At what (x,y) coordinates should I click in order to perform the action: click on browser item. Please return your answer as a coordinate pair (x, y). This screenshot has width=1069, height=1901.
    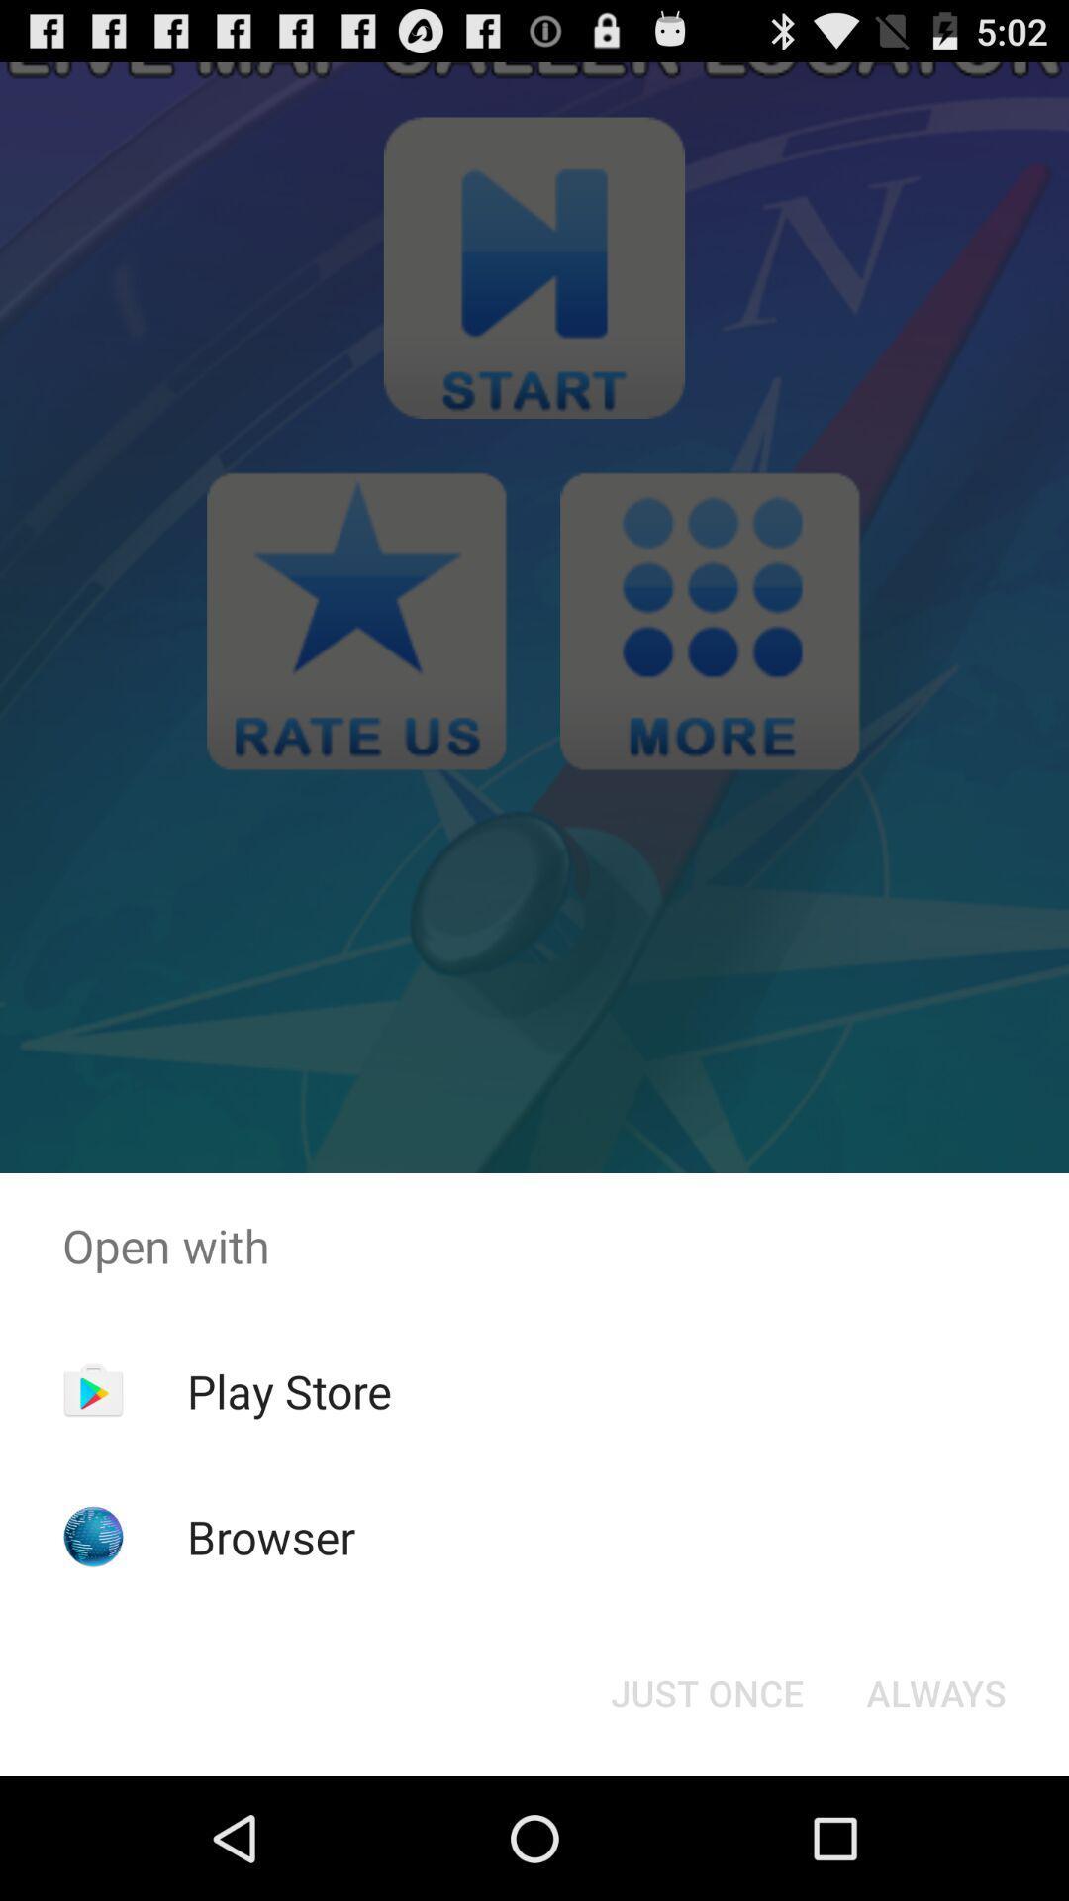
    Looking at the image, I should click on (271, 1536).